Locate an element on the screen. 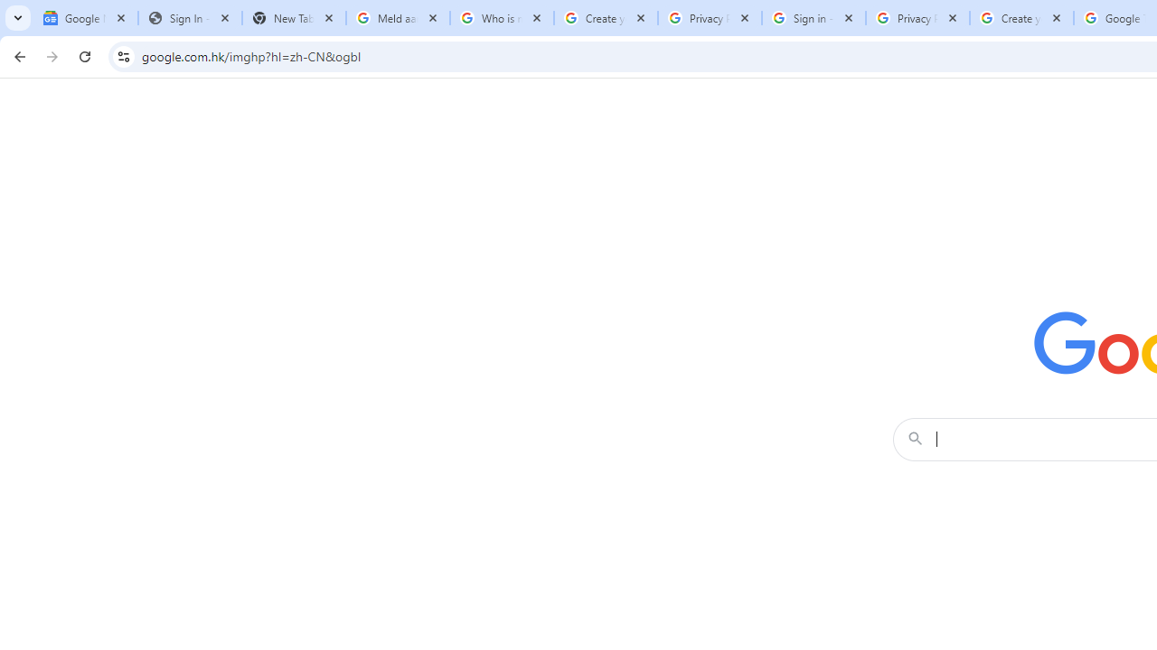 This screenshot has width=1157, height=650. 'New Tab' is located at coordinates (294, 18).